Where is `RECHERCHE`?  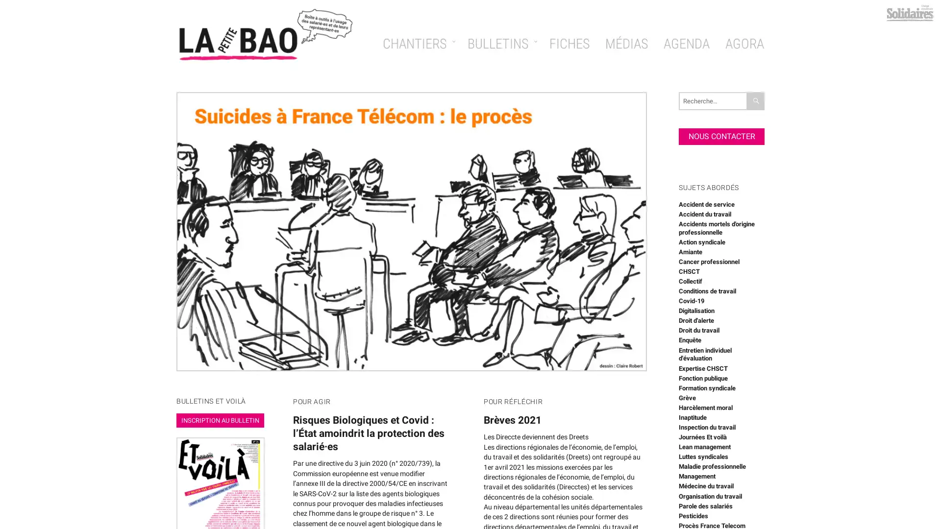 RECHERCHE is located at coordinates (755, 100).